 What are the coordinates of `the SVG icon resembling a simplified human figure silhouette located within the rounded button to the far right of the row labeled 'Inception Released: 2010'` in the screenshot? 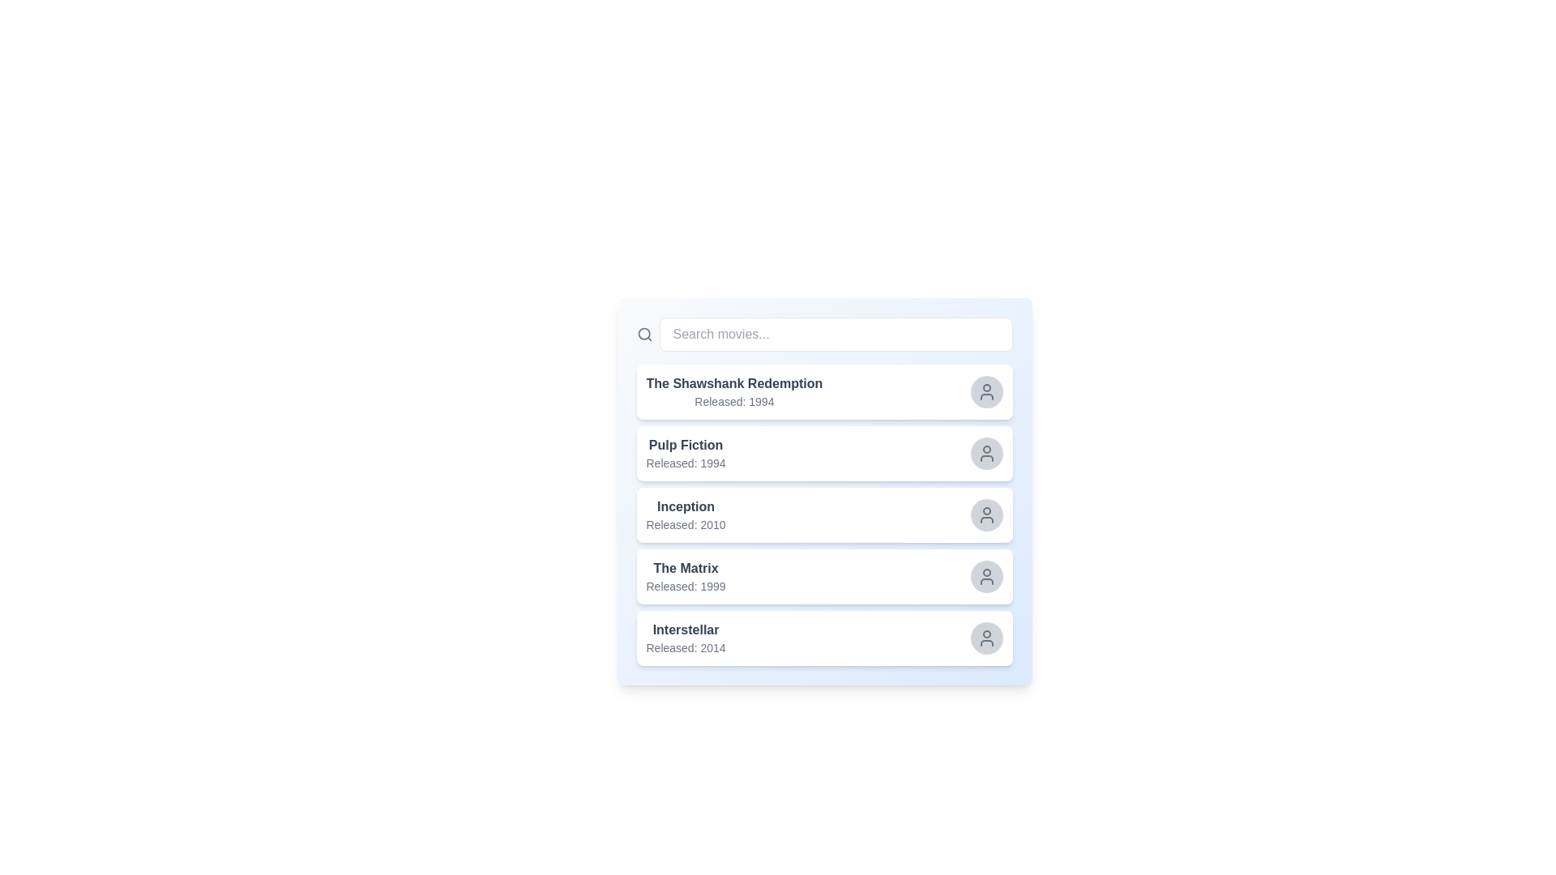 It's located at (985, 515).